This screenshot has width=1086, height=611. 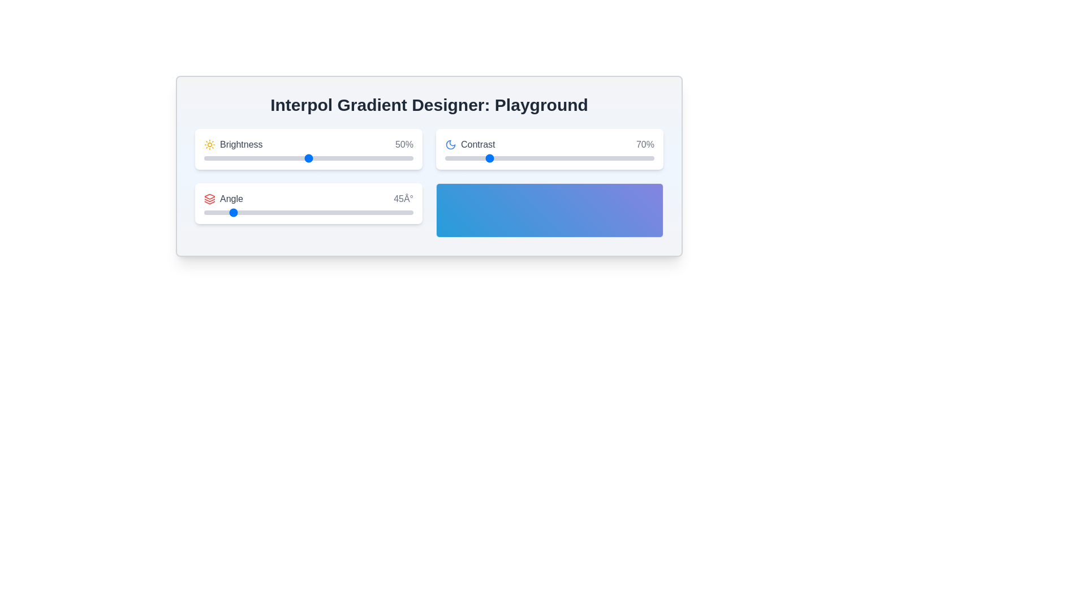 I want to click on the angle slider, so click(x=252, y=212).